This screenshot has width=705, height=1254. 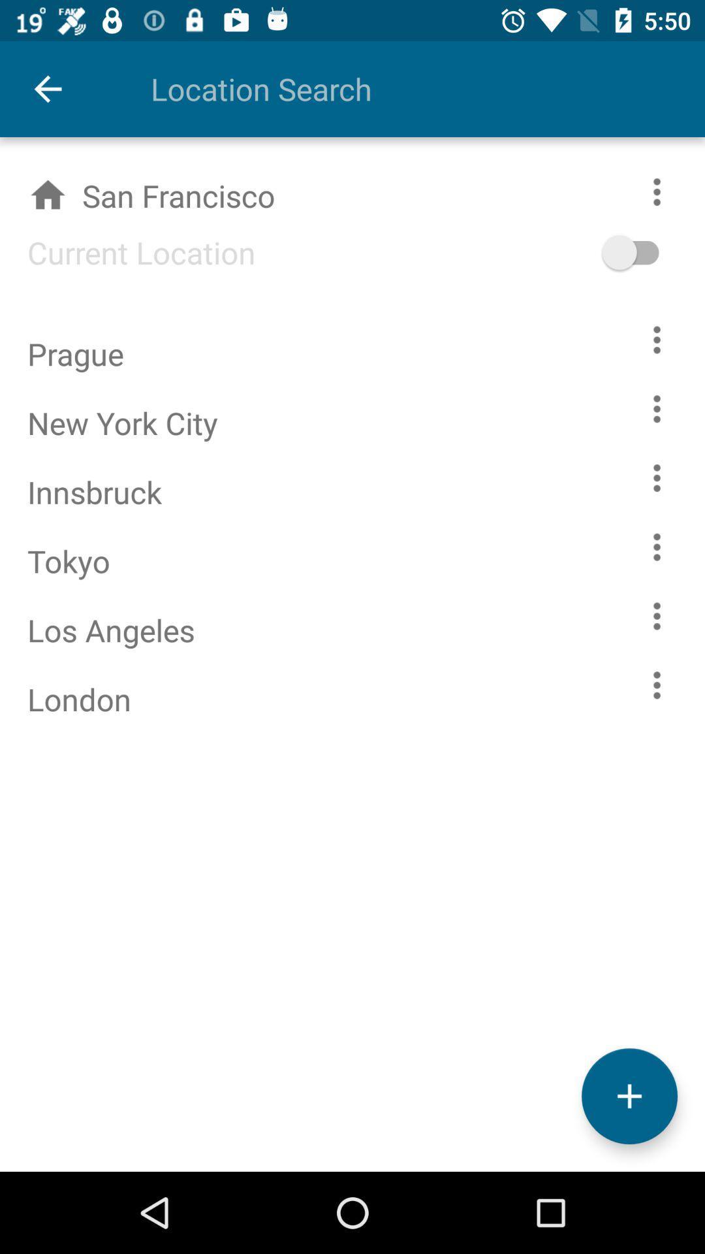 I want to click on opions, so click(x=657, y=547).